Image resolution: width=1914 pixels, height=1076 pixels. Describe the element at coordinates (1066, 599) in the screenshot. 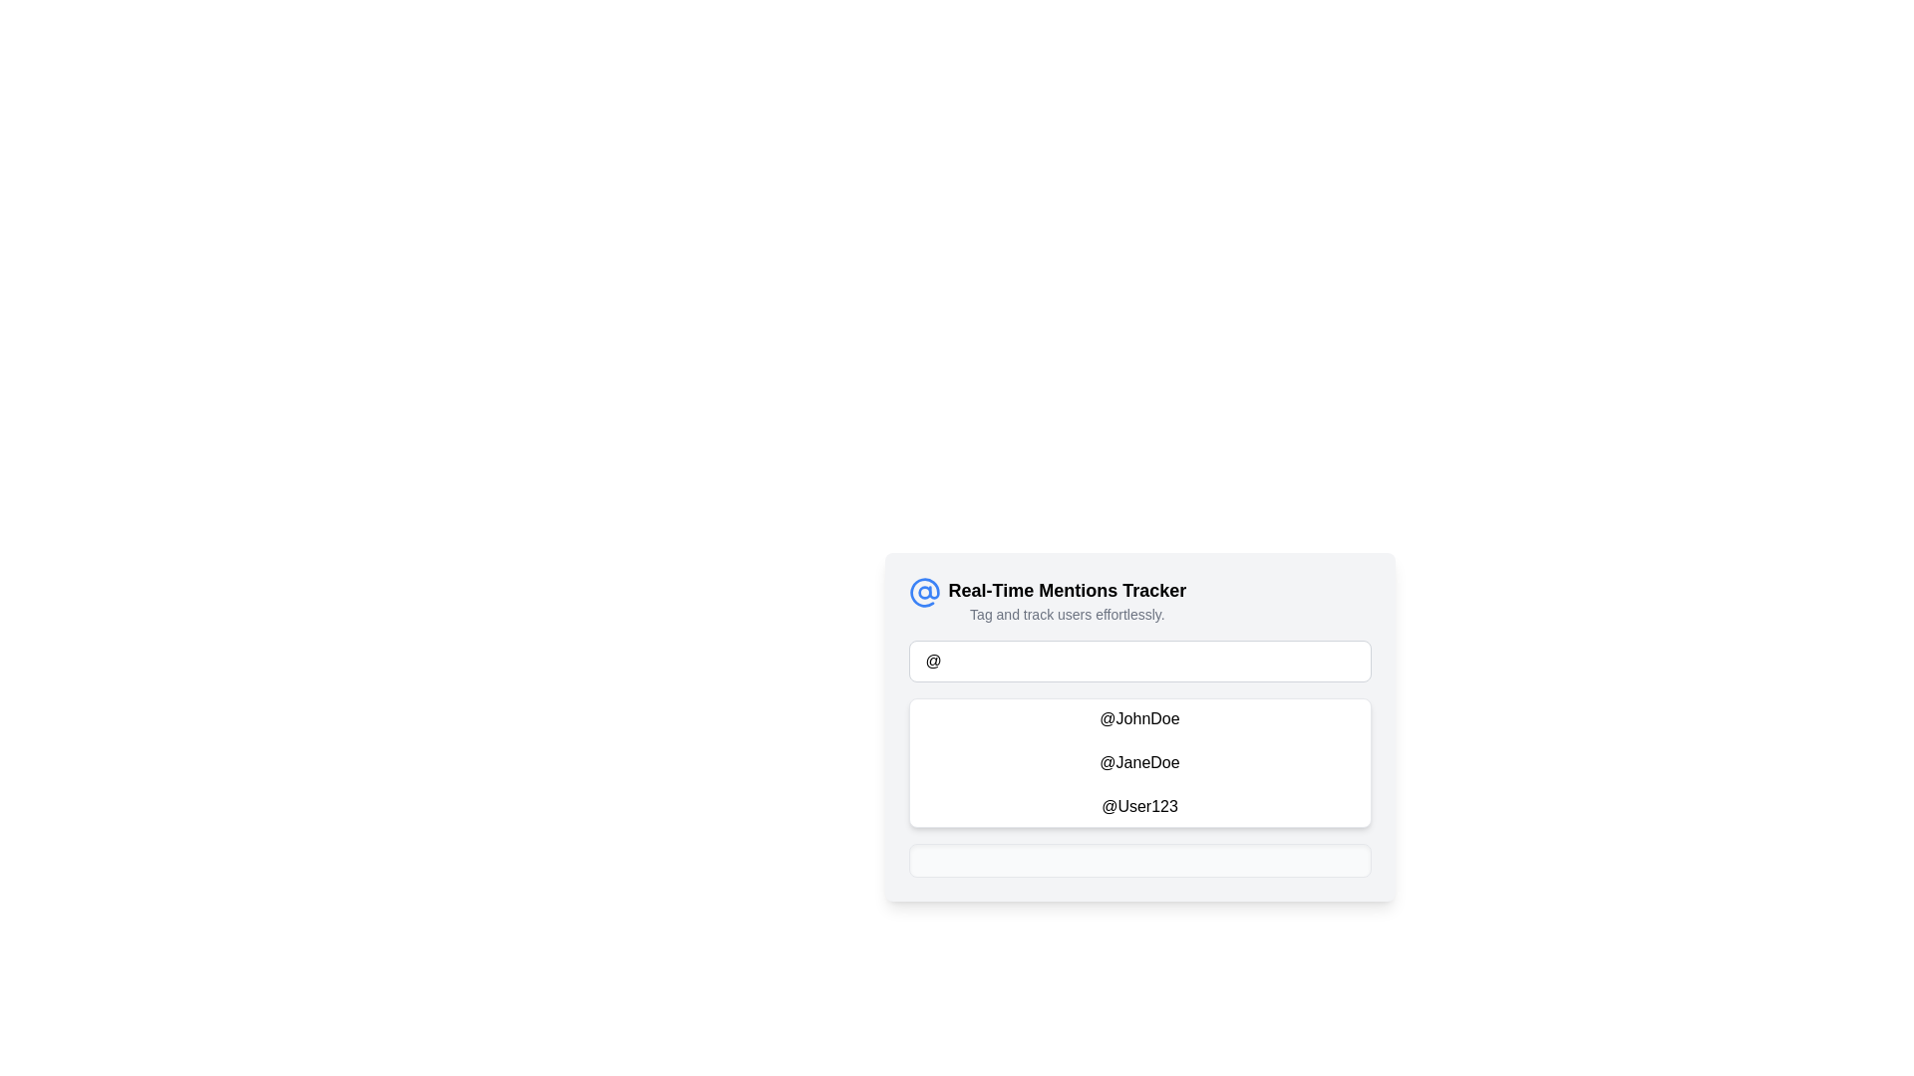

I see `the text block displaying 'Real-Time Mentions Tracker' and 'Tag and track users effortlessly.' which is located in the top portion of a rectangular card interface, to the right of a blue '@' icon` at that location.